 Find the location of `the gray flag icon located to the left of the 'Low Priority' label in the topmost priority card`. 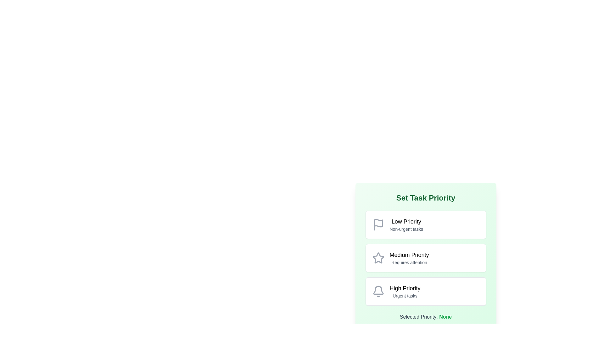

the gray flag icon located to the left of the 'Low Priority' label in the topmost priority card is located at coordinates (378, 224).